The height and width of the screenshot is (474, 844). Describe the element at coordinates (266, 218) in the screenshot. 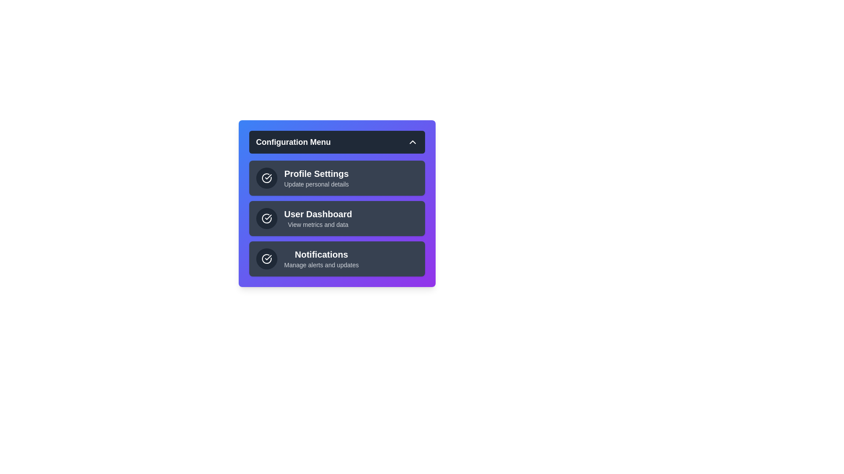

I see `the icon next to User Dashboard` at that location.